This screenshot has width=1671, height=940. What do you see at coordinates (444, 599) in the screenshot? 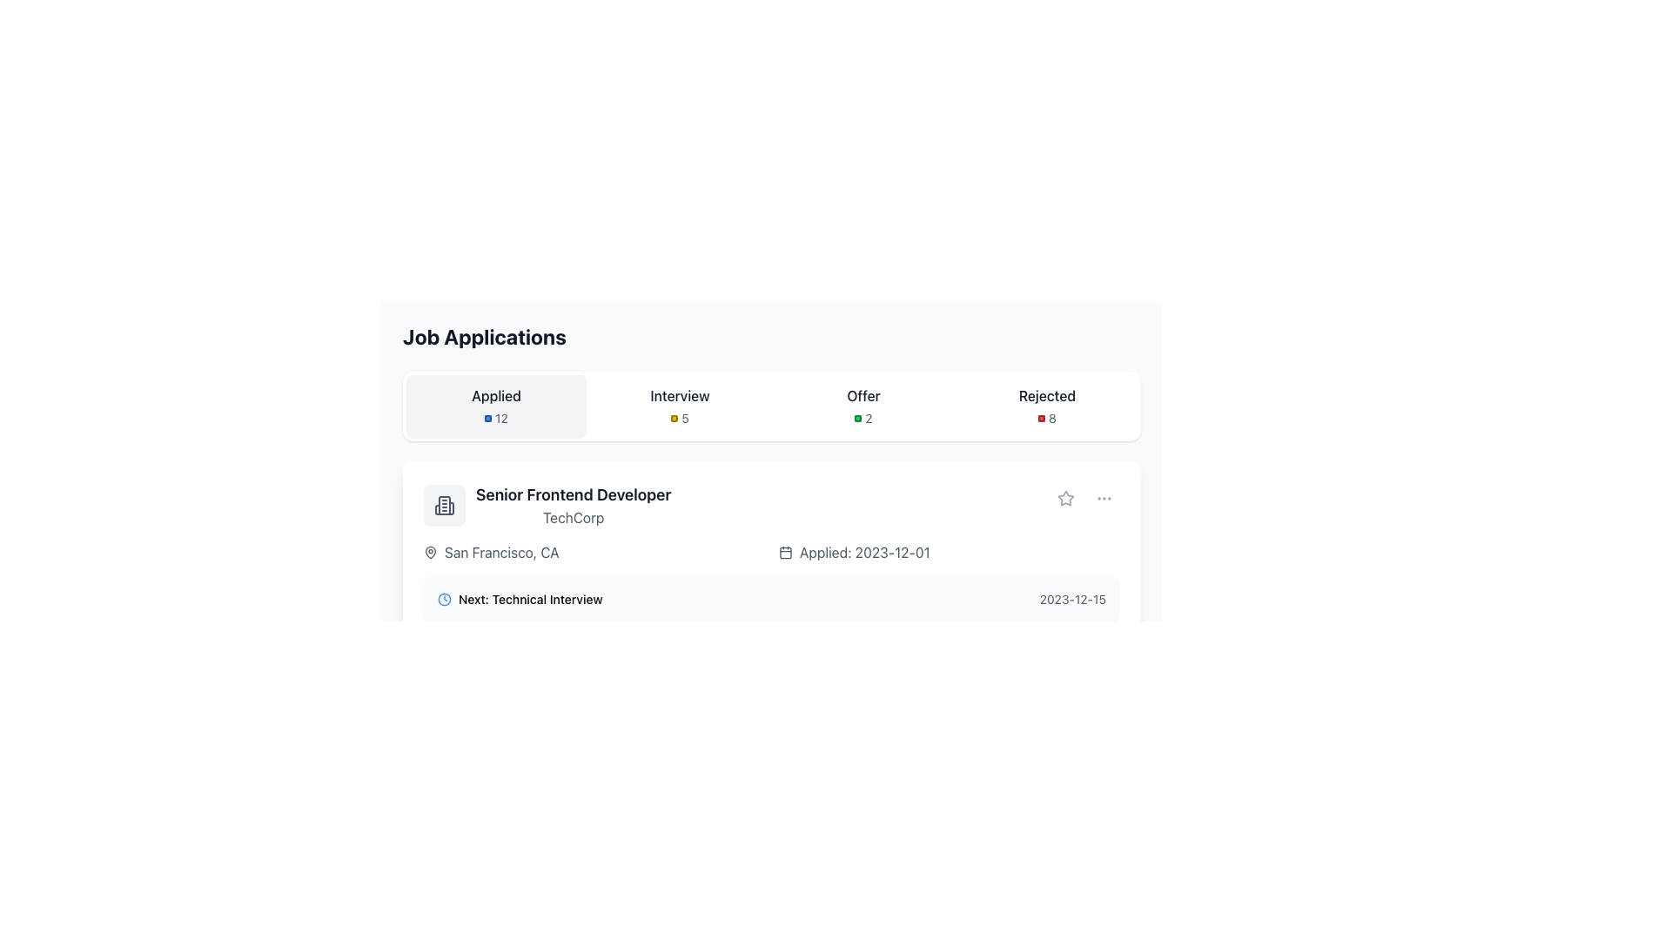
I see `the circular graphic element representing the clock face within the clock icon, which is located near the textual indication of dates for job applications tracking` at bounding box center [444, 599].